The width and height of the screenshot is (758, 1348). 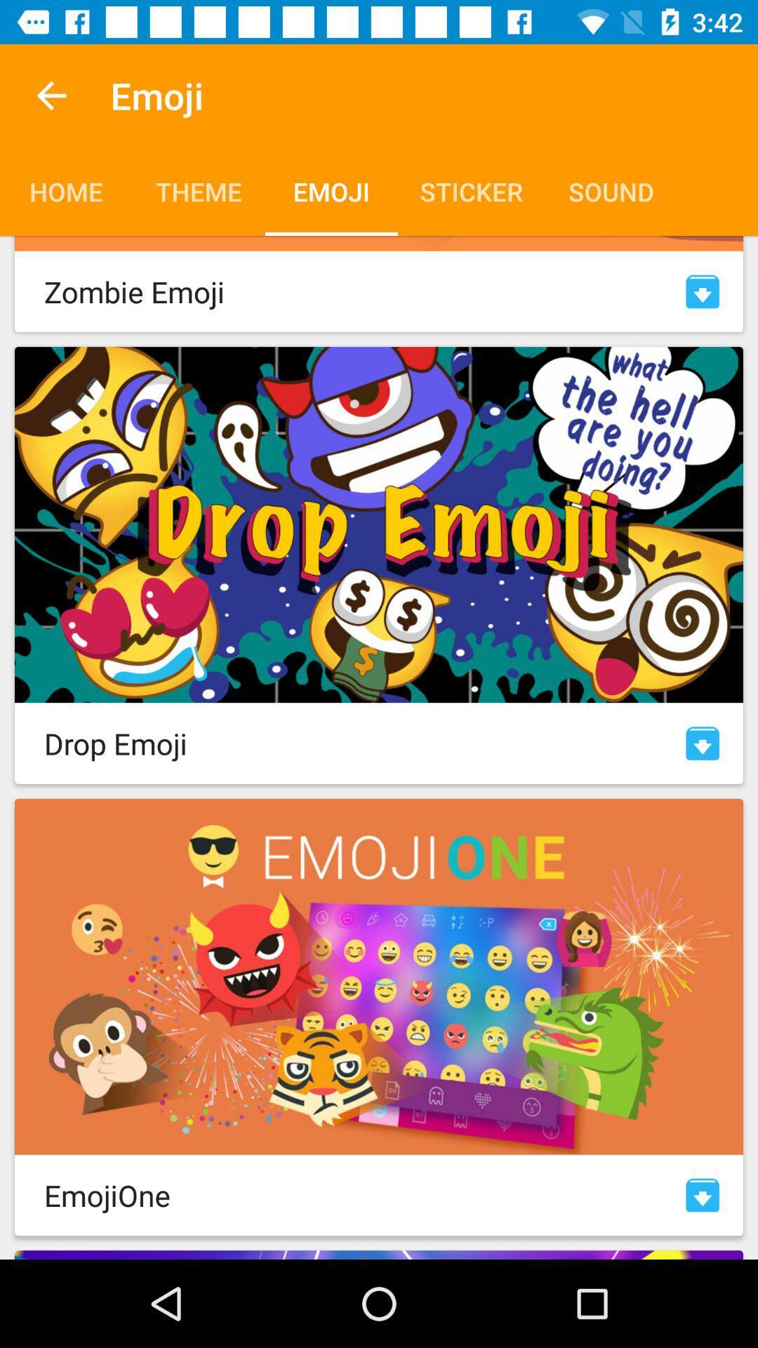 What do you see at coordinates (51, 95) in the screenshot?
I see `the item to the left of the emoji icon` at bounding box center [51, 95].